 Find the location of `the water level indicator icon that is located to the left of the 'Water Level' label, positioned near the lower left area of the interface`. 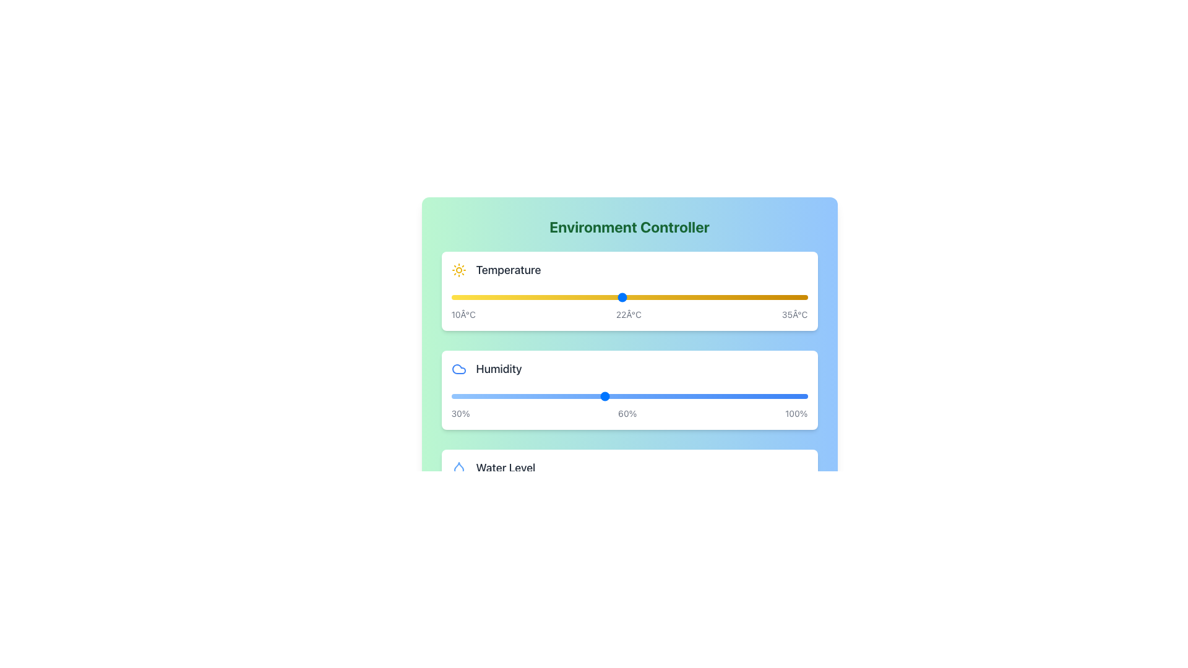

the water level indicator icon that is located to the left of the 'Water Level' label, positioned near the lower left area of the interface is located at coordinates (458, 468).